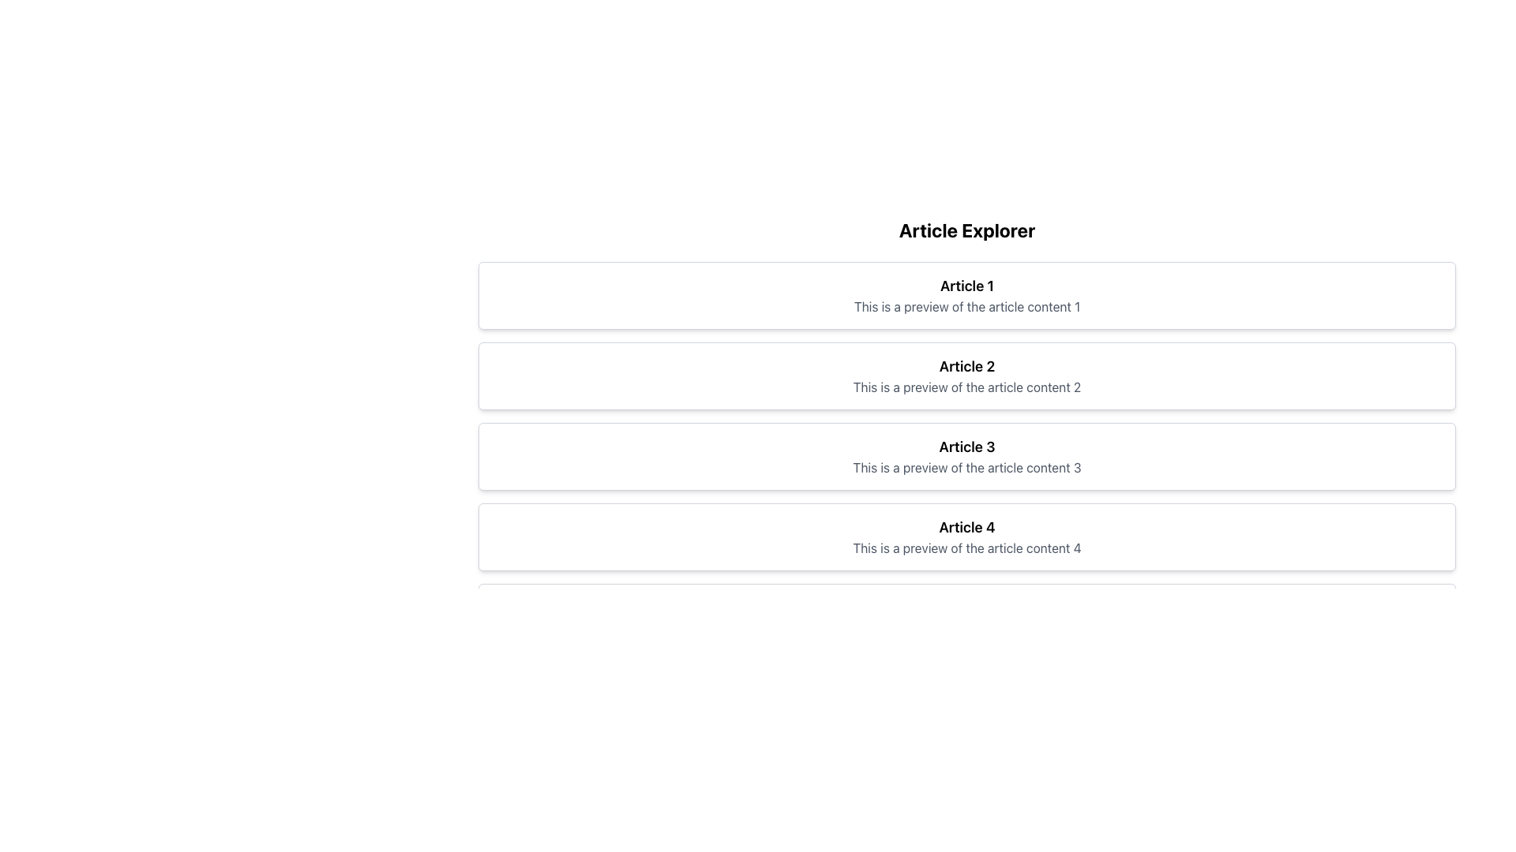  Describe the element at coordinates (966, 230) in the screenshot. I see `text from the 'Article Explorer' text label, which is bold and large at the top of the content section` at that location.